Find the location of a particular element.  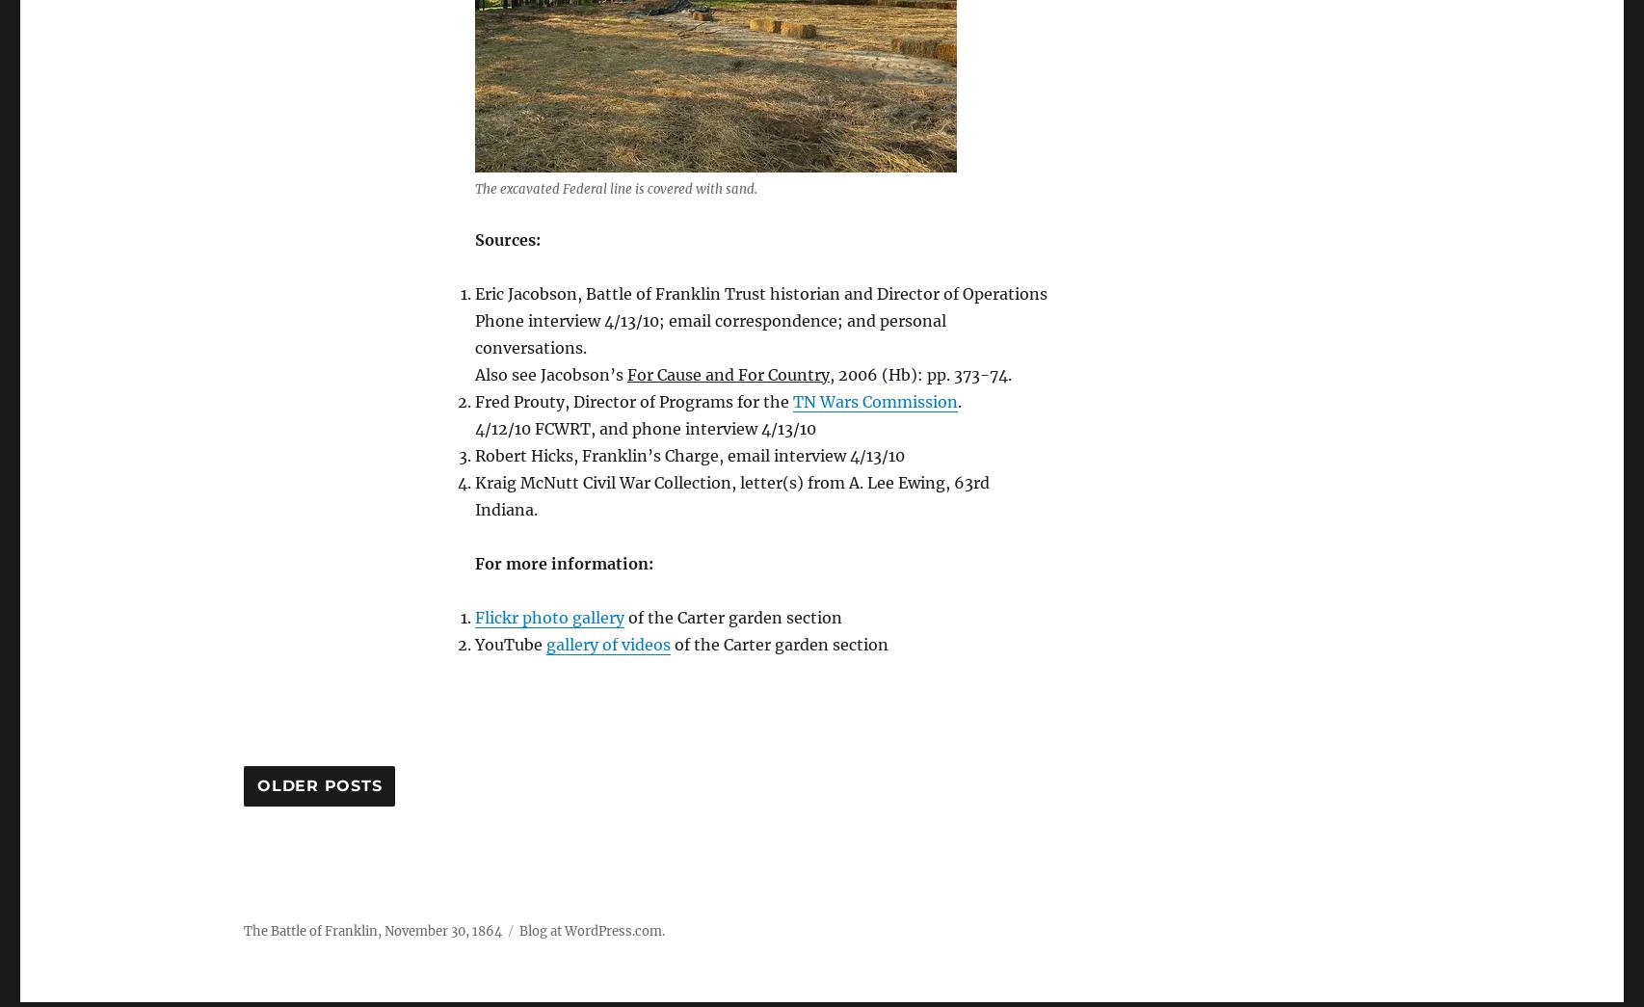

'Eric Jacobson, Battle of Franklin Trust historian and Director of Operations' is located at coordinates (760, 292).